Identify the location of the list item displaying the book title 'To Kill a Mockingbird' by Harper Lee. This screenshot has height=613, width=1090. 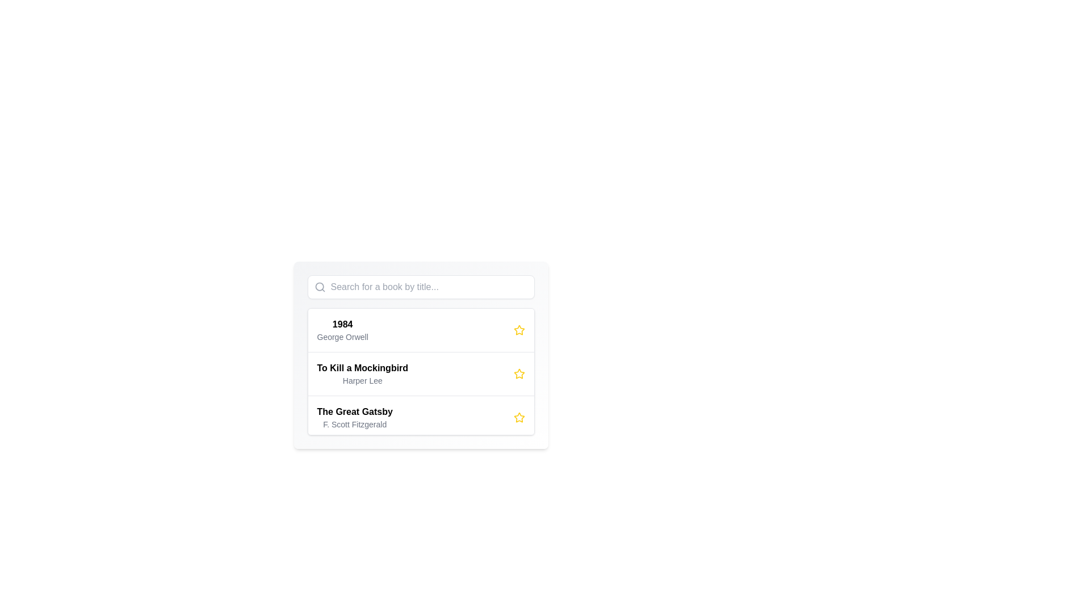
(420, 372).